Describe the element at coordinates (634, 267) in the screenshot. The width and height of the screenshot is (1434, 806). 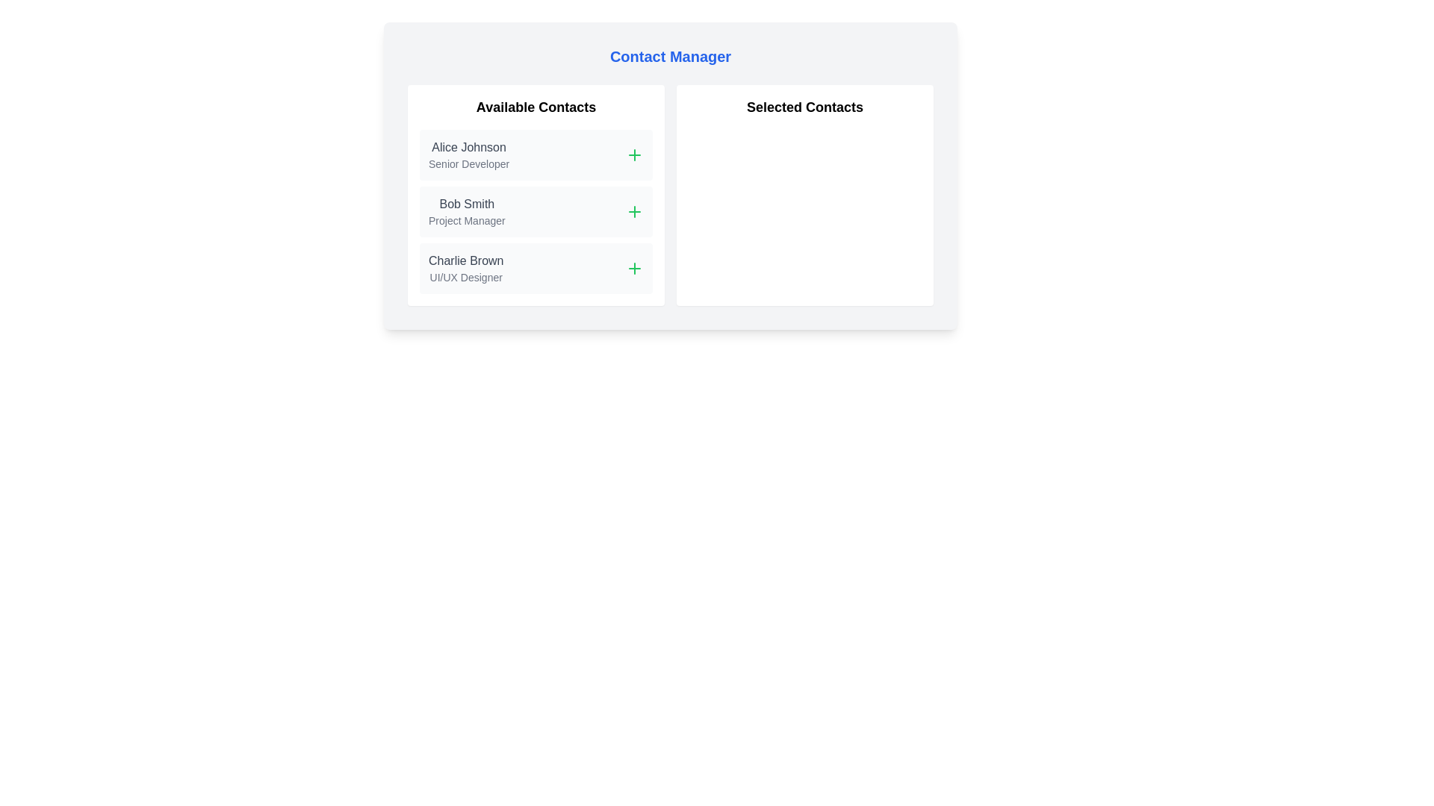
I see `the icon button located under 'Charlie Brown' and 'UI/UX Designer' text` at that location.